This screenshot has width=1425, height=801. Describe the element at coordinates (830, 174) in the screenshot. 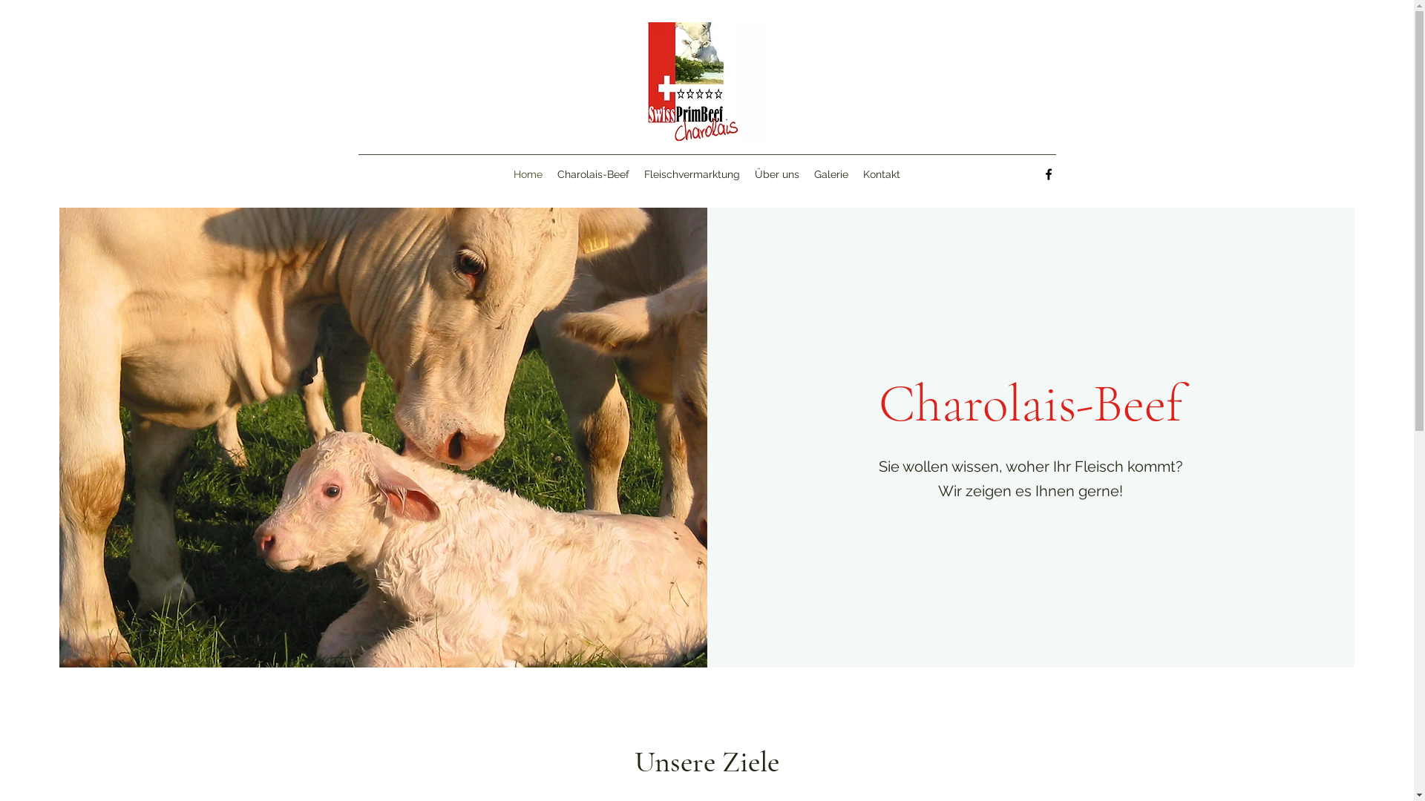

I see `'Galerie'` at that location.